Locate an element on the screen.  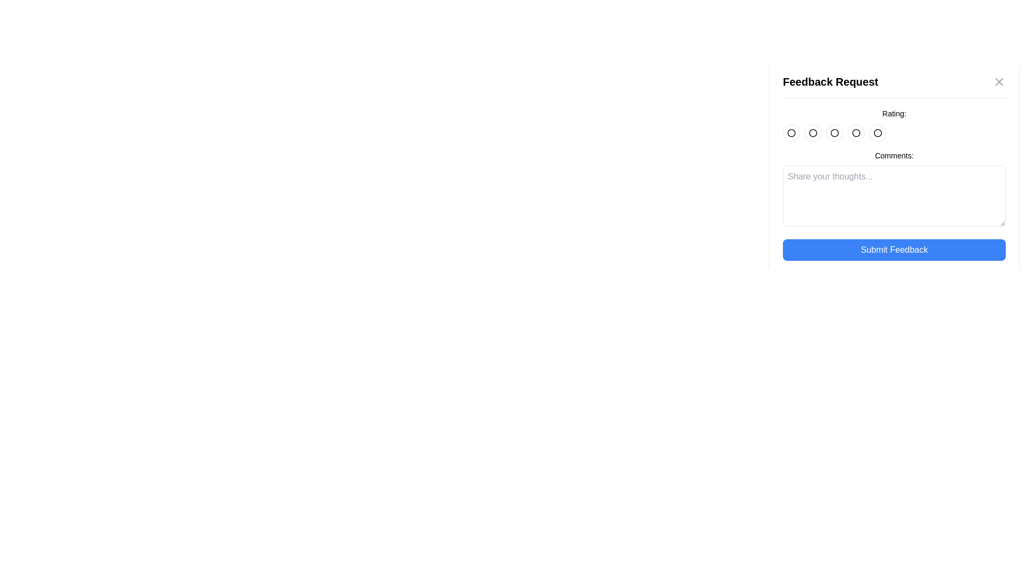
the second circular button with a hollow center and a thin border located near the top-right section of the form is located at coordinates (813, 132).